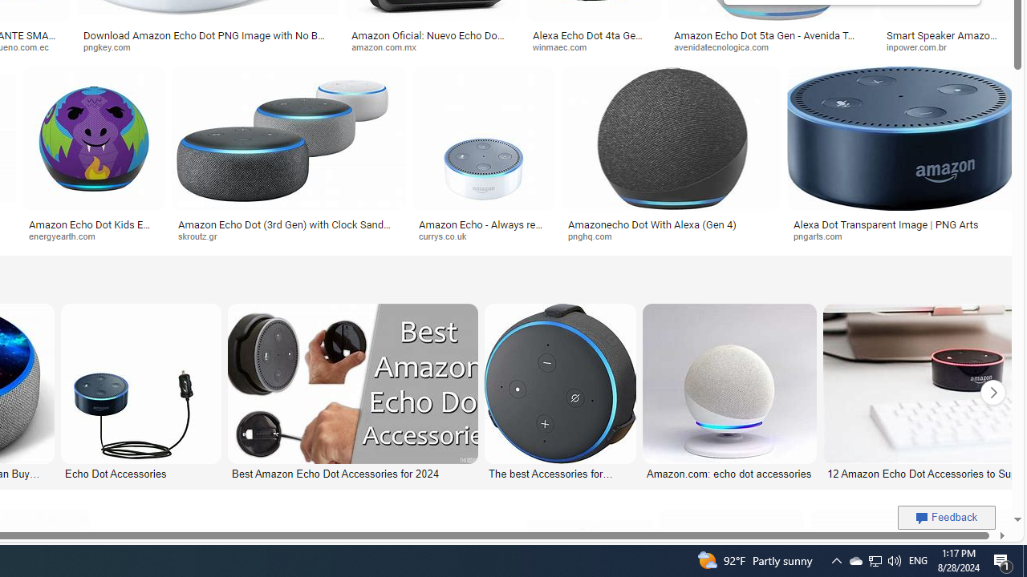  Describe the element at coordinates (595, 236) in the screenshot. I see `'pnghq.com'` at that location.